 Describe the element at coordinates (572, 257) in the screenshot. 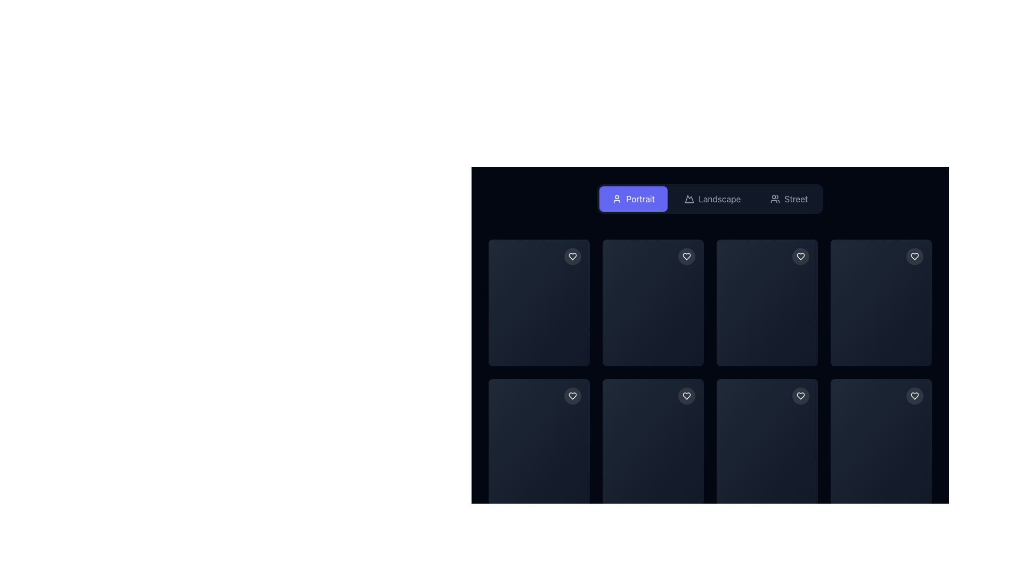

I see `the heart-shaped icon` at that location.